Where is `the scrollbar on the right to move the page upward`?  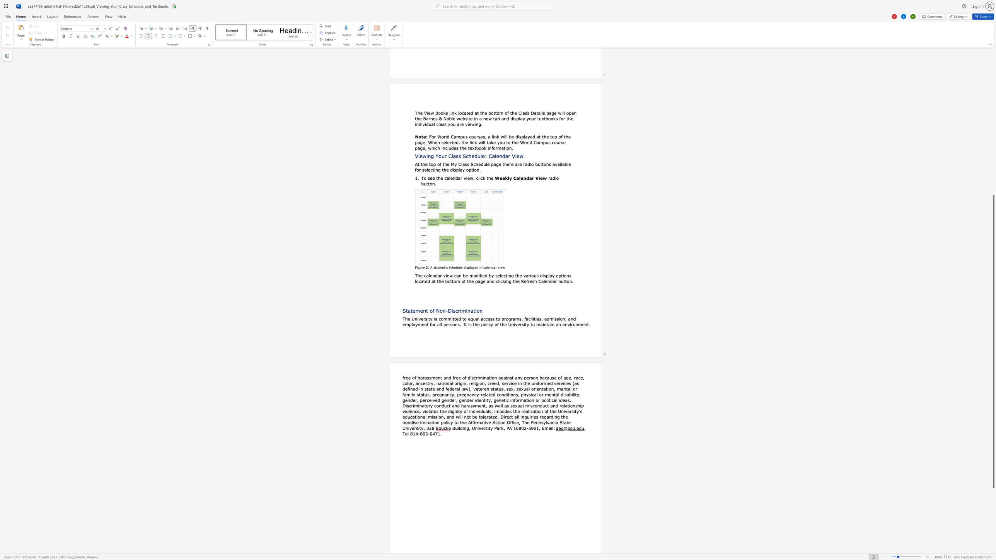
the scrollbar on the right to move the page upward is located at coordinates (993, 70).